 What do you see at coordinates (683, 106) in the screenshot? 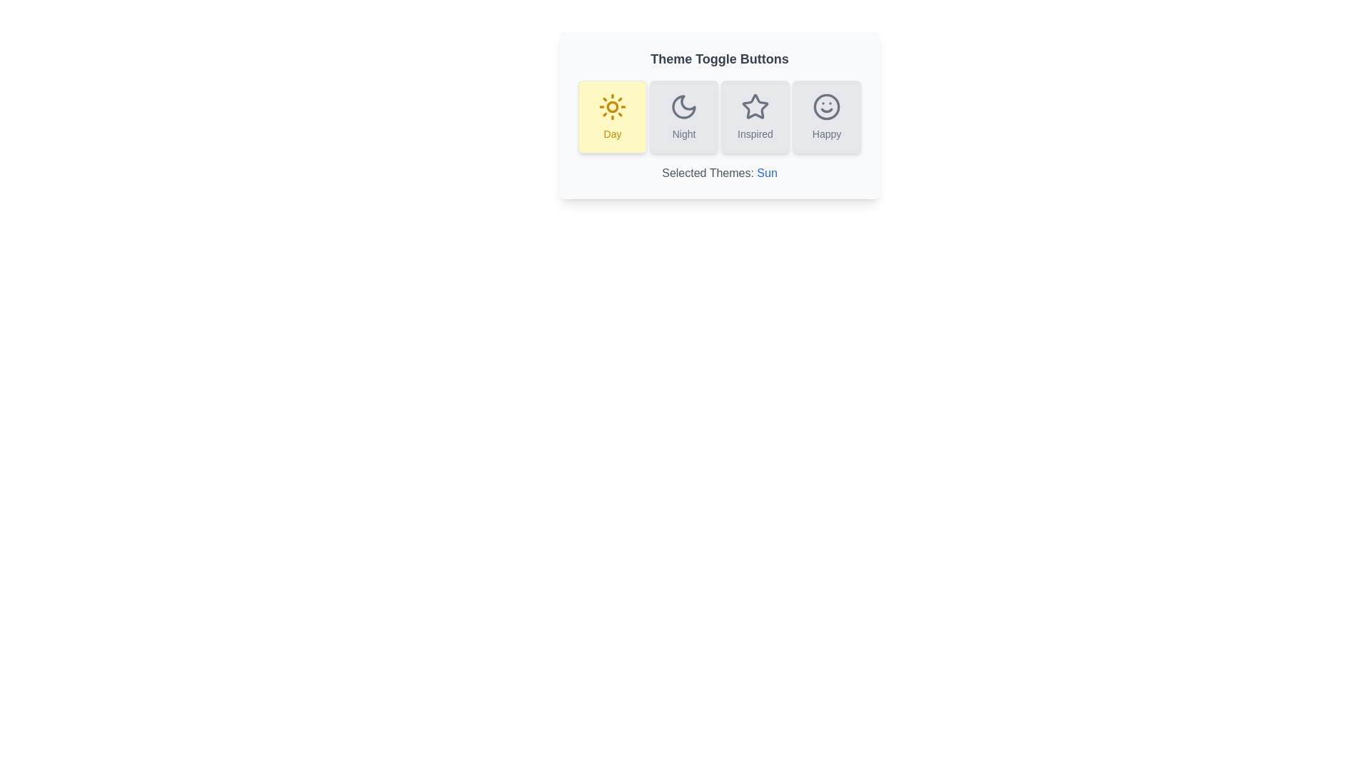
I see `the 'Night' theme toggle button icon` at bounding box center [683, 106].